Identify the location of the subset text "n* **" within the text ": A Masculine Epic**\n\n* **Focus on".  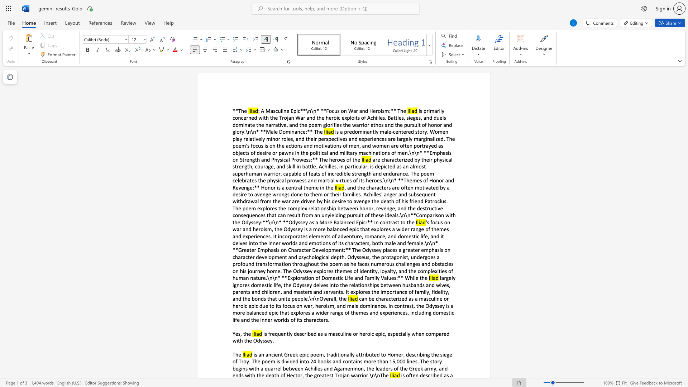
(313, 111).